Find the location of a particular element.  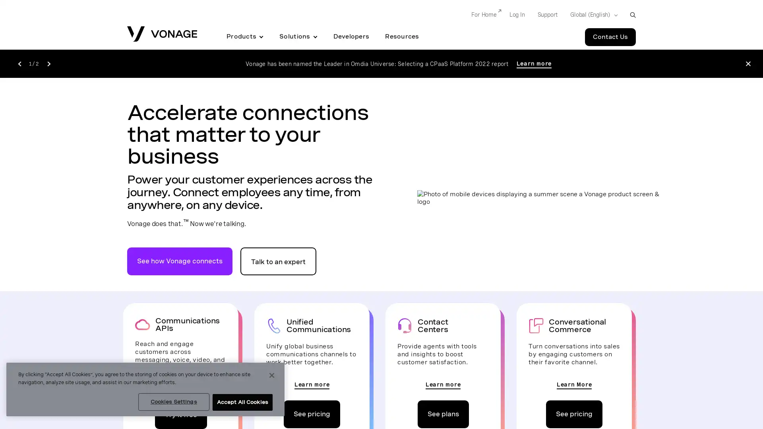

Close the announcement is located at coordinates (748, 63).